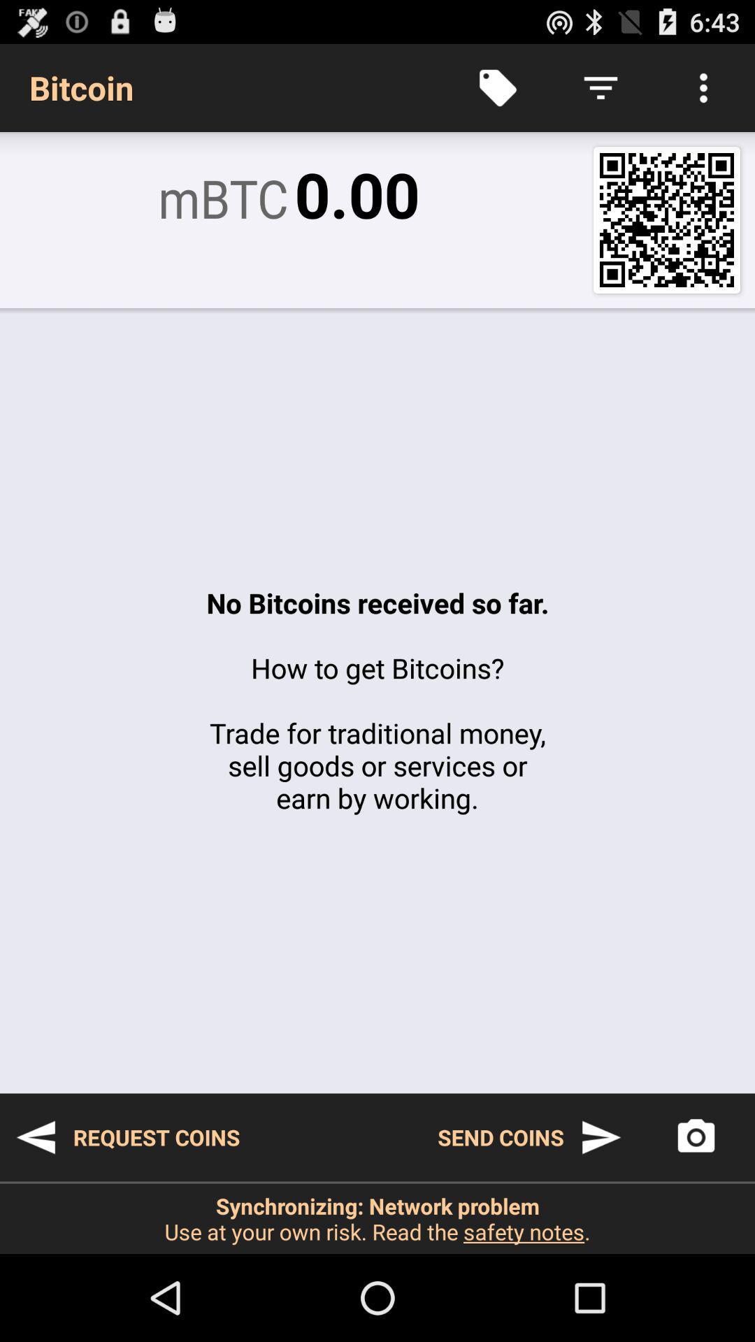 This screenshot has height=1342, width=755. I want to click on send coins, so click(530, 1137).